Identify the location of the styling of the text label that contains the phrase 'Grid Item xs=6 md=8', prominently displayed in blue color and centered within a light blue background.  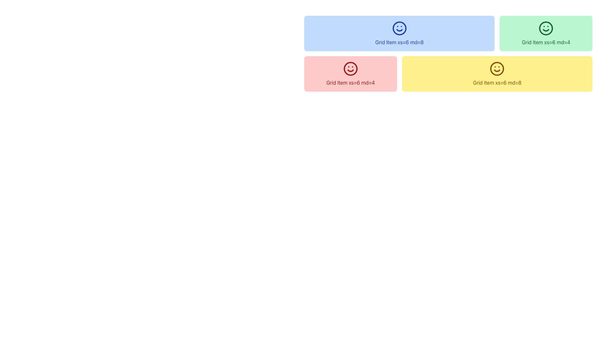
(399, 42).